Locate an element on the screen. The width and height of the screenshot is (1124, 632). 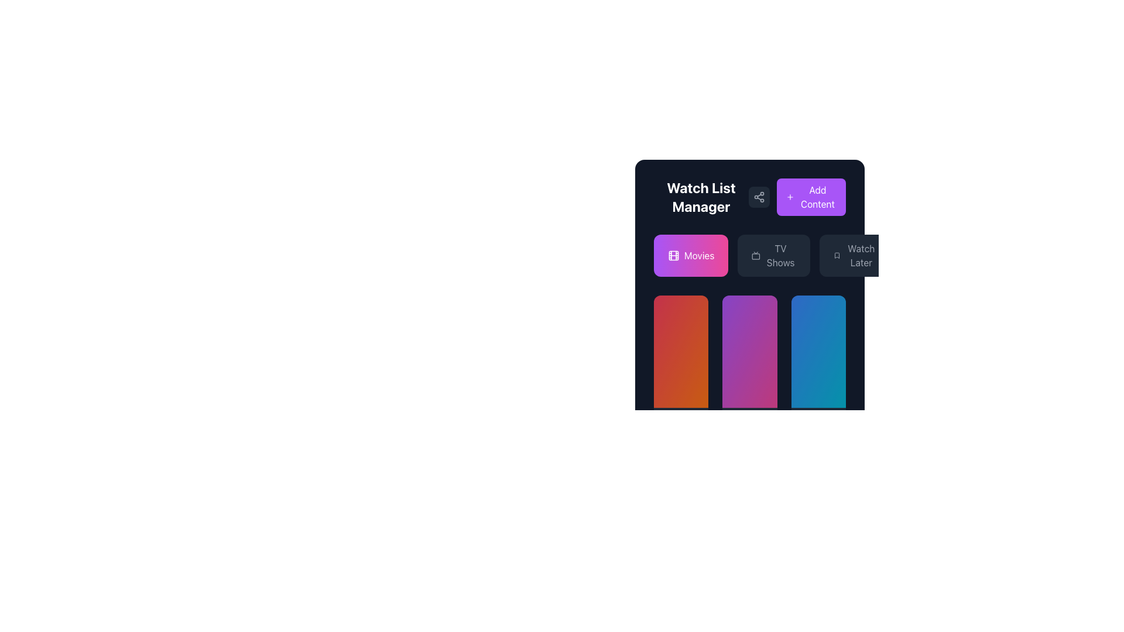
the visually distinctive vertical rectangular block with a gradient background transitioning from blue to cyan, which is the third item in the horizontal row located below the 'Movies', 'TV Shows', and 'Watch Later' buttons in the 'Watch List Manager' section is located at coordinates (818, 351).